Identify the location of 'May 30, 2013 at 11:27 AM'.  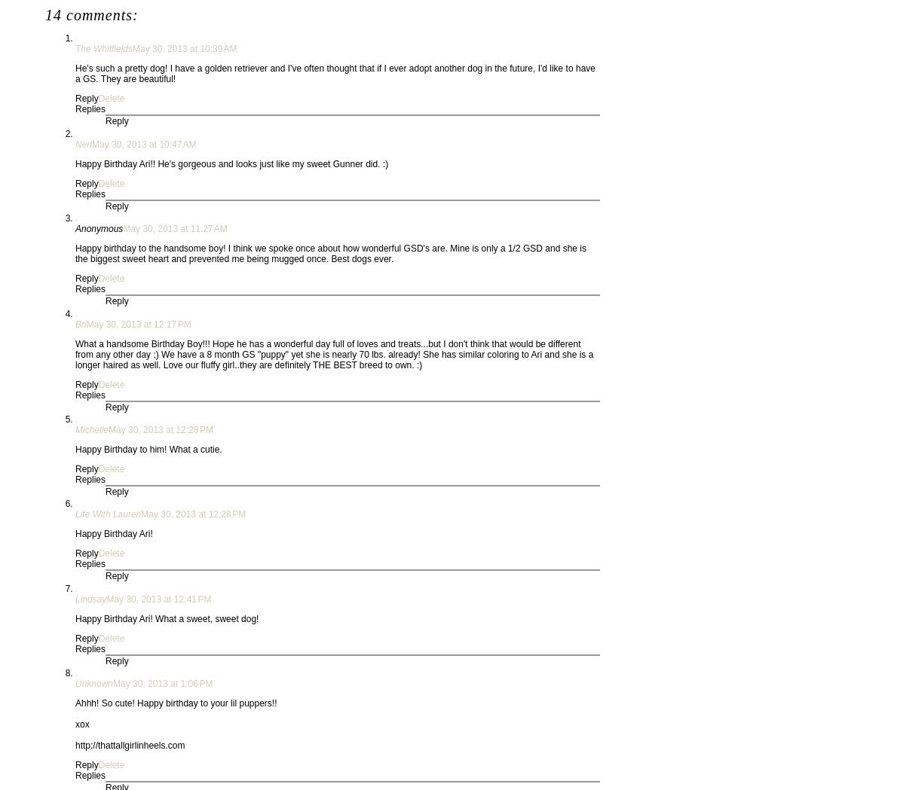
(122, 229).